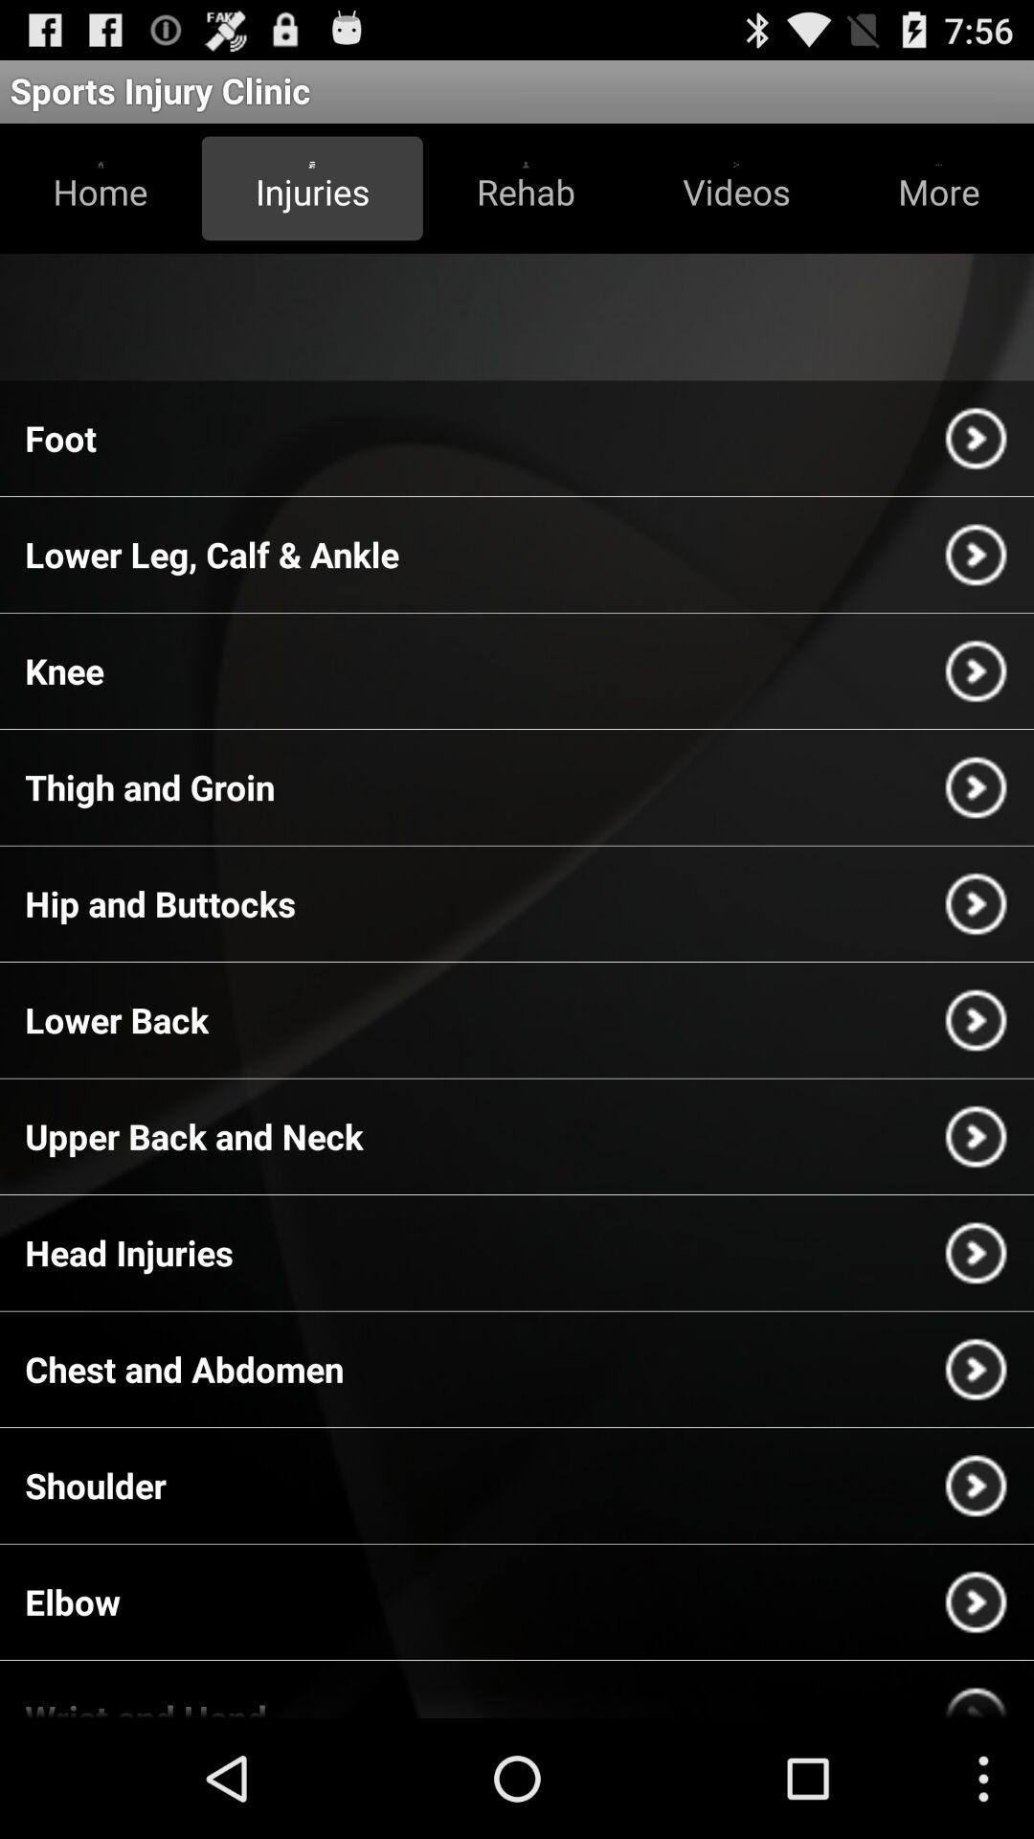 The height and width of the screenshot is (1839, 1034). I want to click on the button more at top right corner, so click(937, 188).